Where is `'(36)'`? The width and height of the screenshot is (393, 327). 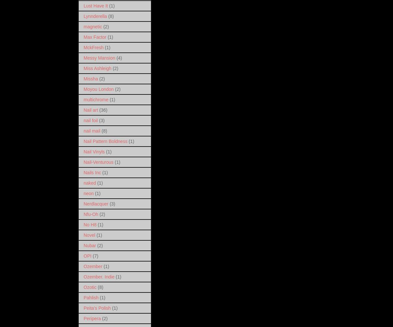 '(36)' is located at coordinates (99, 110).